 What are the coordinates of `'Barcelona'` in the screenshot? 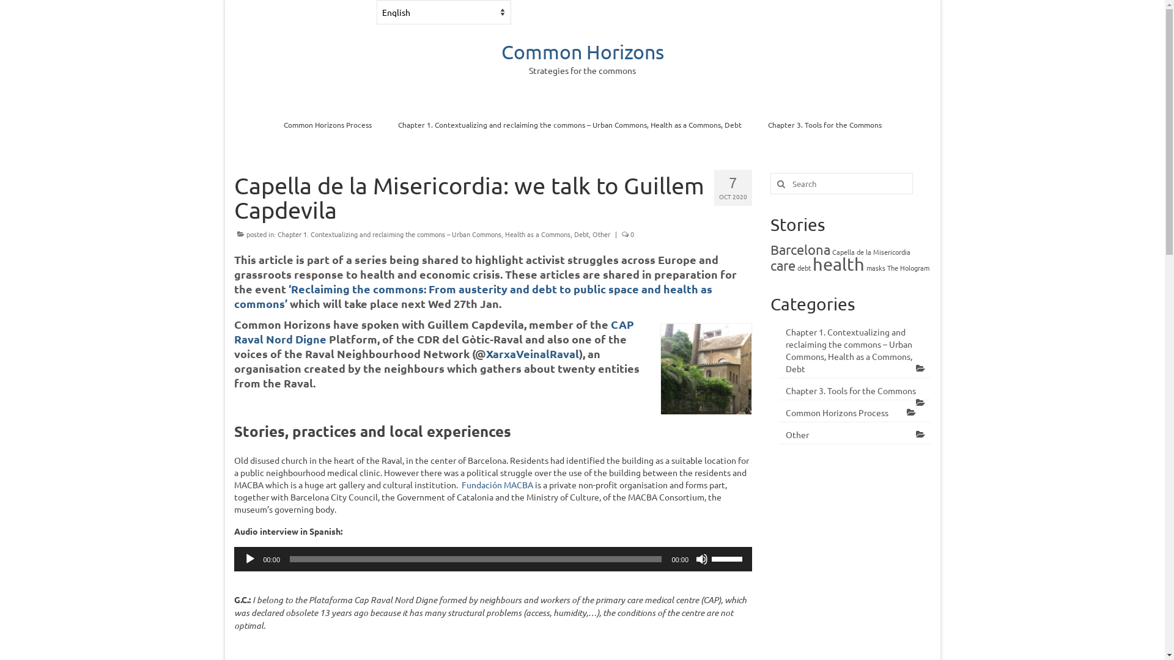 It's located at (800, 249).